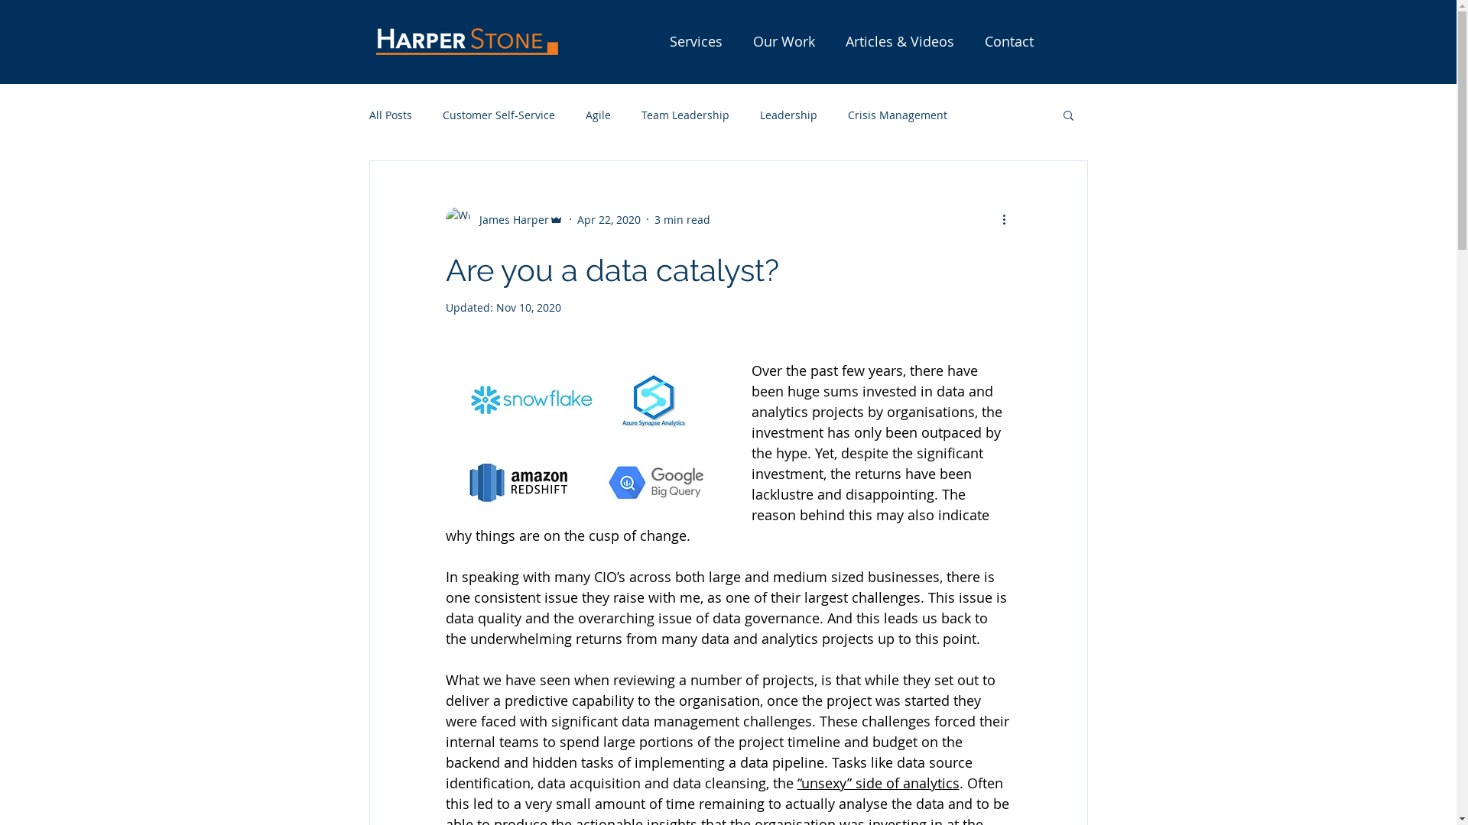 The image size is (1468, 825). What do you see at coordinates (899, 40) in the screenshot?
I see `'Articles & Videos'` at bounding box center [899, 40].